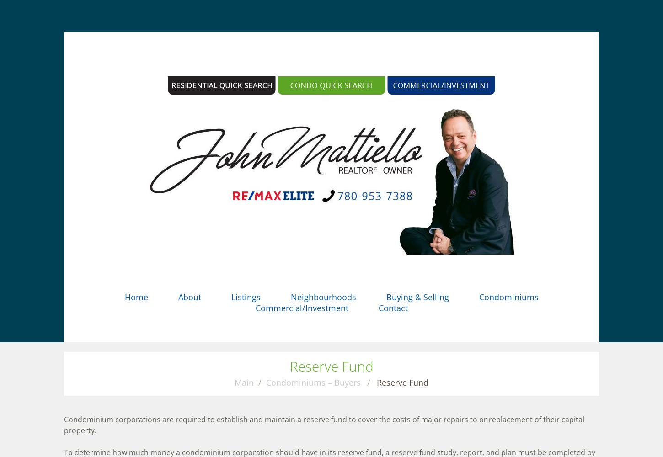  I want to click on 'About', so click(177, 297).